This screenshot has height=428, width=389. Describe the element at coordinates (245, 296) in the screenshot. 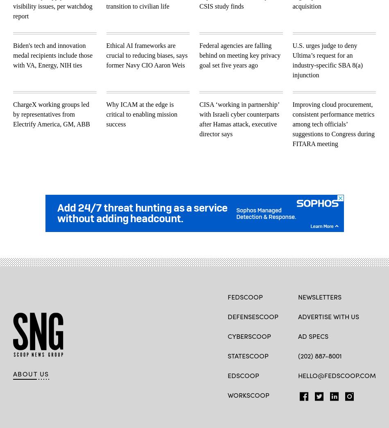

I see `'FedScoop'` at that location.